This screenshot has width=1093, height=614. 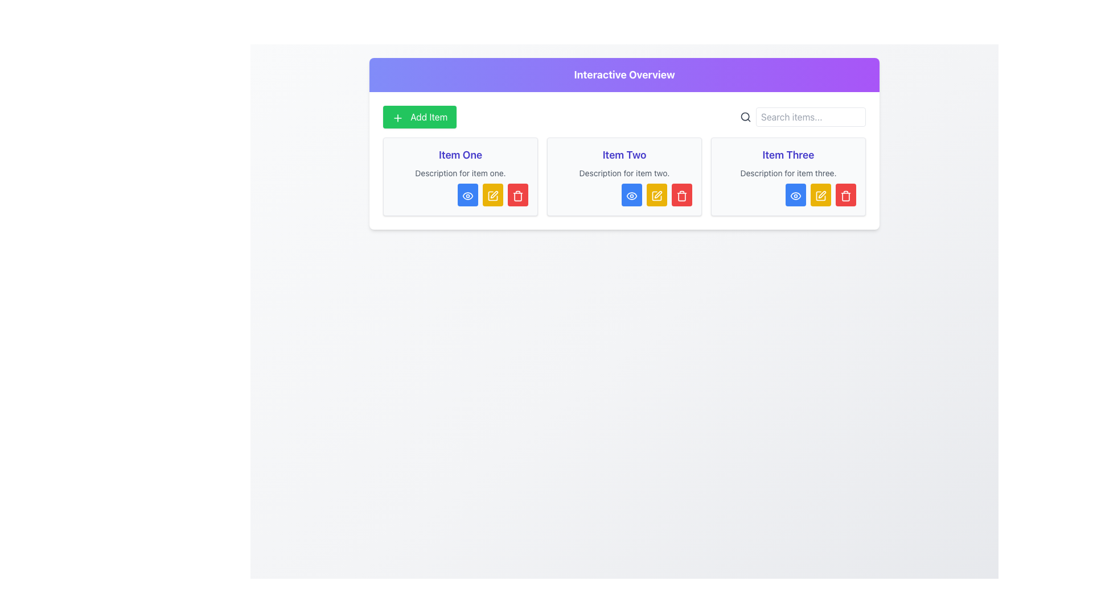 What do you see at coordinates (820, 194) in the screenshot?
I see `the second button from the left in the set of three action buttons under the 'Item Three' header to initiate edit actions for the associated item` at bounding box center [820, 194].